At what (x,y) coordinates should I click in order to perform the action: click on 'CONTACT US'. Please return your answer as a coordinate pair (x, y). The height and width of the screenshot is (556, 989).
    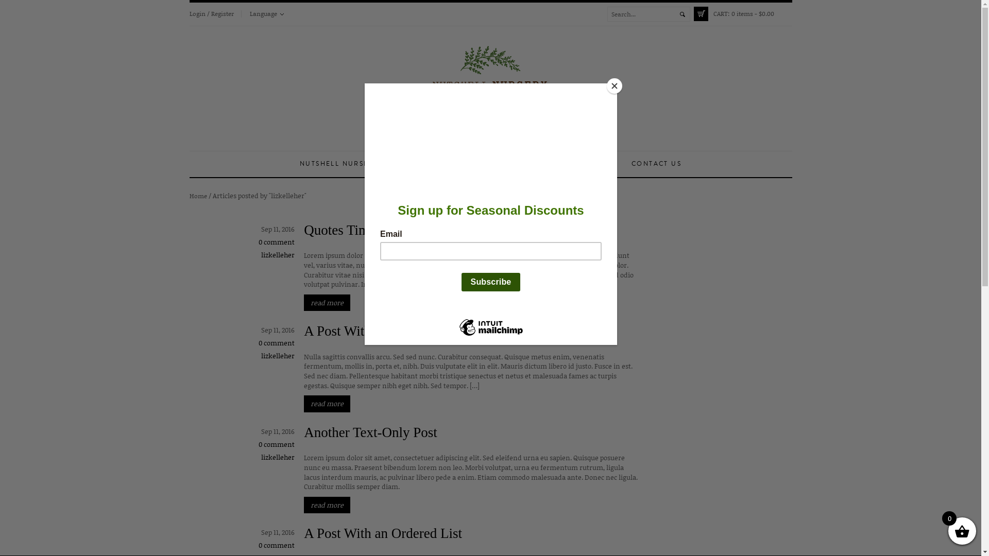
    Looking at the image, I should click on (656, 164).